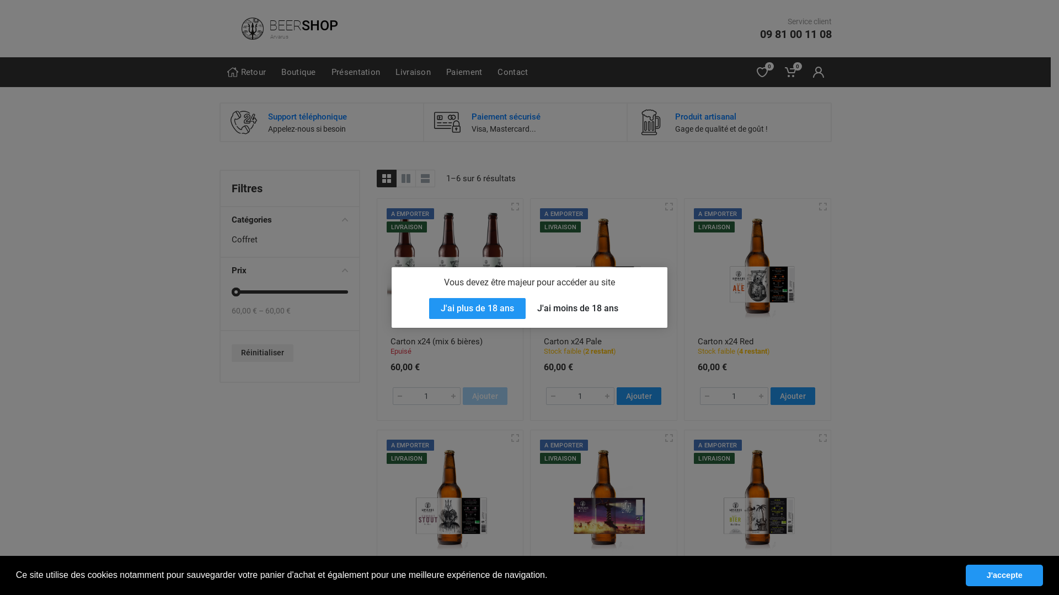 Image resolution: width=1059 pixels, height=595 pixels. Describe the element at coordinates (290, 270) in the screenshot. I see `'Prix'` at that location.